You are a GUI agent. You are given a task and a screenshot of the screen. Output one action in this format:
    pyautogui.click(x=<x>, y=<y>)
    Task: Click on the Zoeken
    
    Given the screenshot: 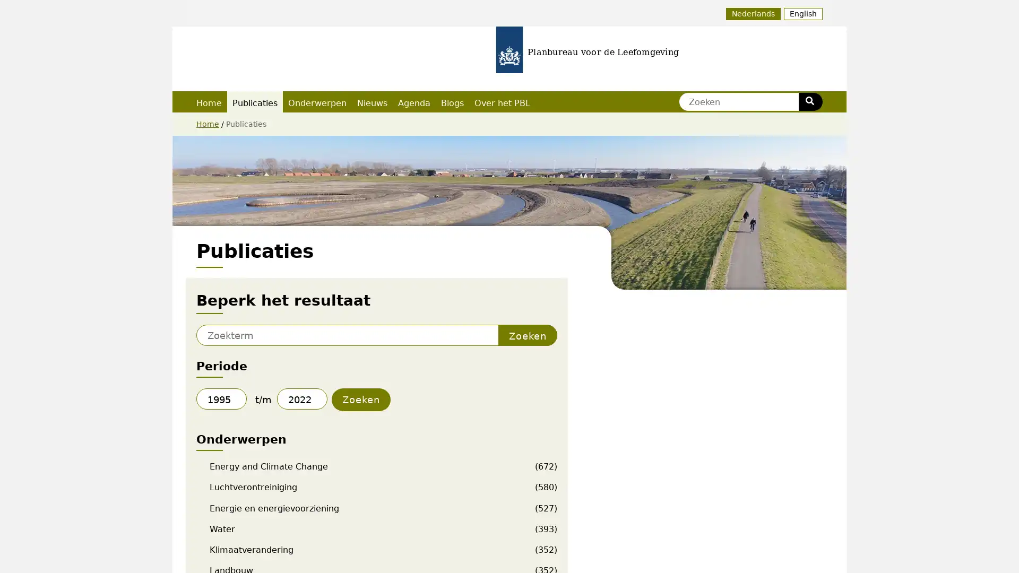 What is the action you would take?
    pyautogui.click(x=361, y=400)
    